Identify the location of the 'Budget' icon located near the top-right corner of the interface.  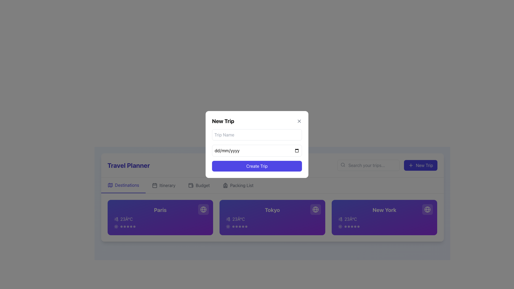
(191, 184).